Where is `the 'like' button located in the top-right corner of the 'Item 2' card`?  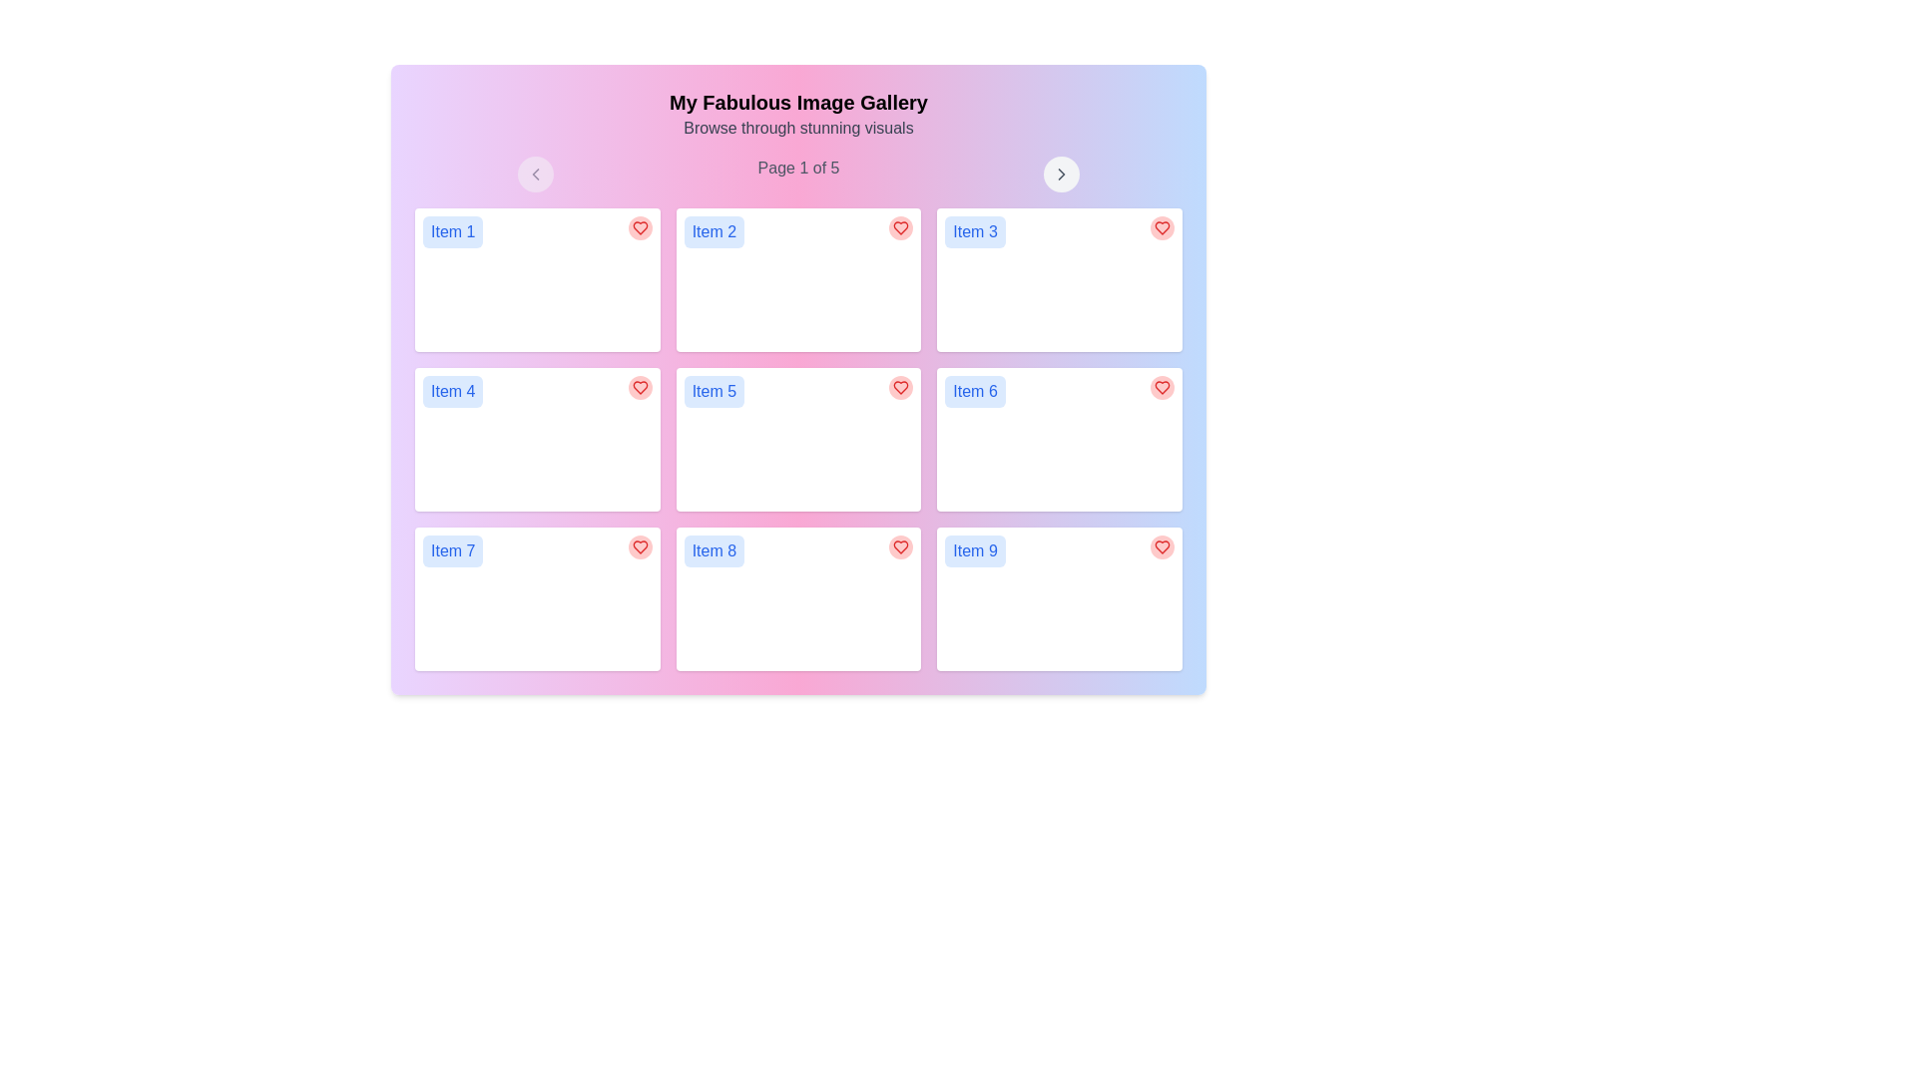 the 'like' button located in the top-right corner of the 'Item 2' card is located at coordinates (900, 226).